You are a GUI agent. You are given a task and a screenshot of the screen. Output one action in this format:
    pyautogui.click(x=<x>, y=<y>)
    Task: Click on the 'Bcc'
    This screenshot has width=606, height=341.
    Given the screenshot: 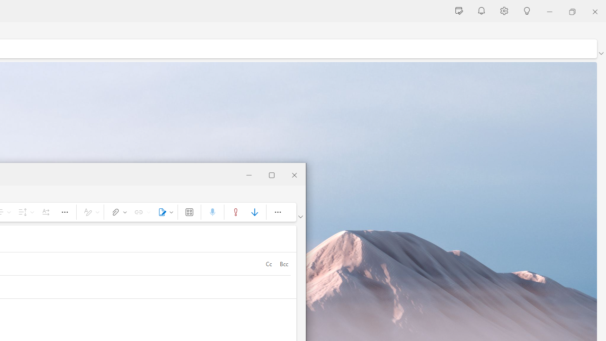 What is the action you would take?
    pyautogui.click(x=283, y=263)
    